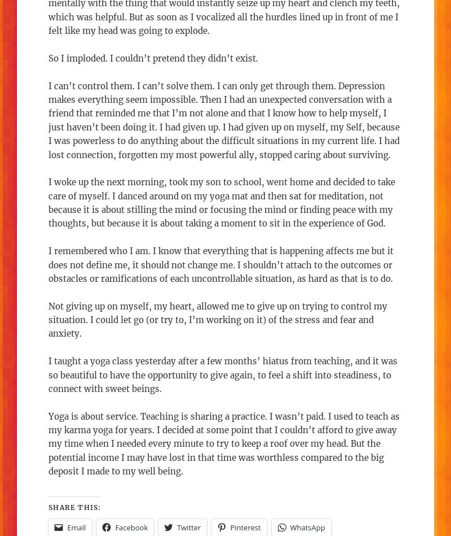 The width and height of the screenshot is (451, 536). Describe the element at coordinates (244, 526) in the screenshot. I see `'Pinterest'` at that location.